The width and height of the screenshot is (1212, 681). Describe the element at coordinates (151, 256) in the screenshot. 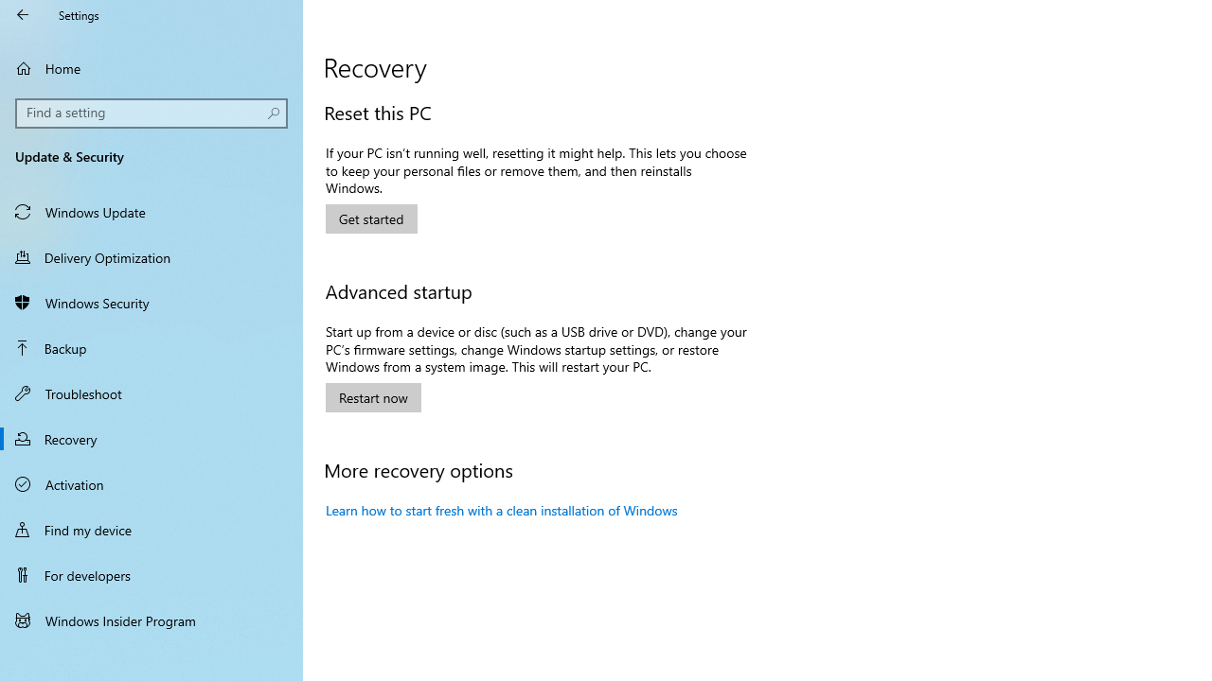

I see `'Delivery Optimization'` at that location.